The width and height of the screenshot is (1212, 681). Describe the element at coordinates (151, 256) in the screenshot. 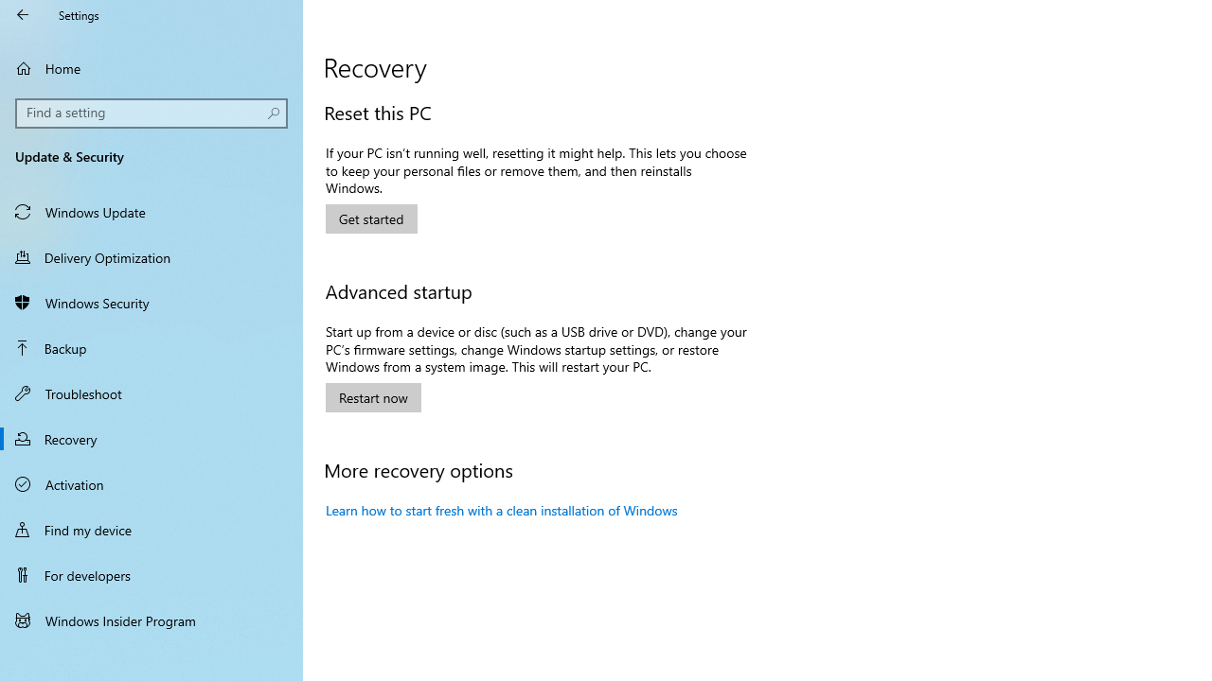

I see `'Delivery Optimization'` at that location.